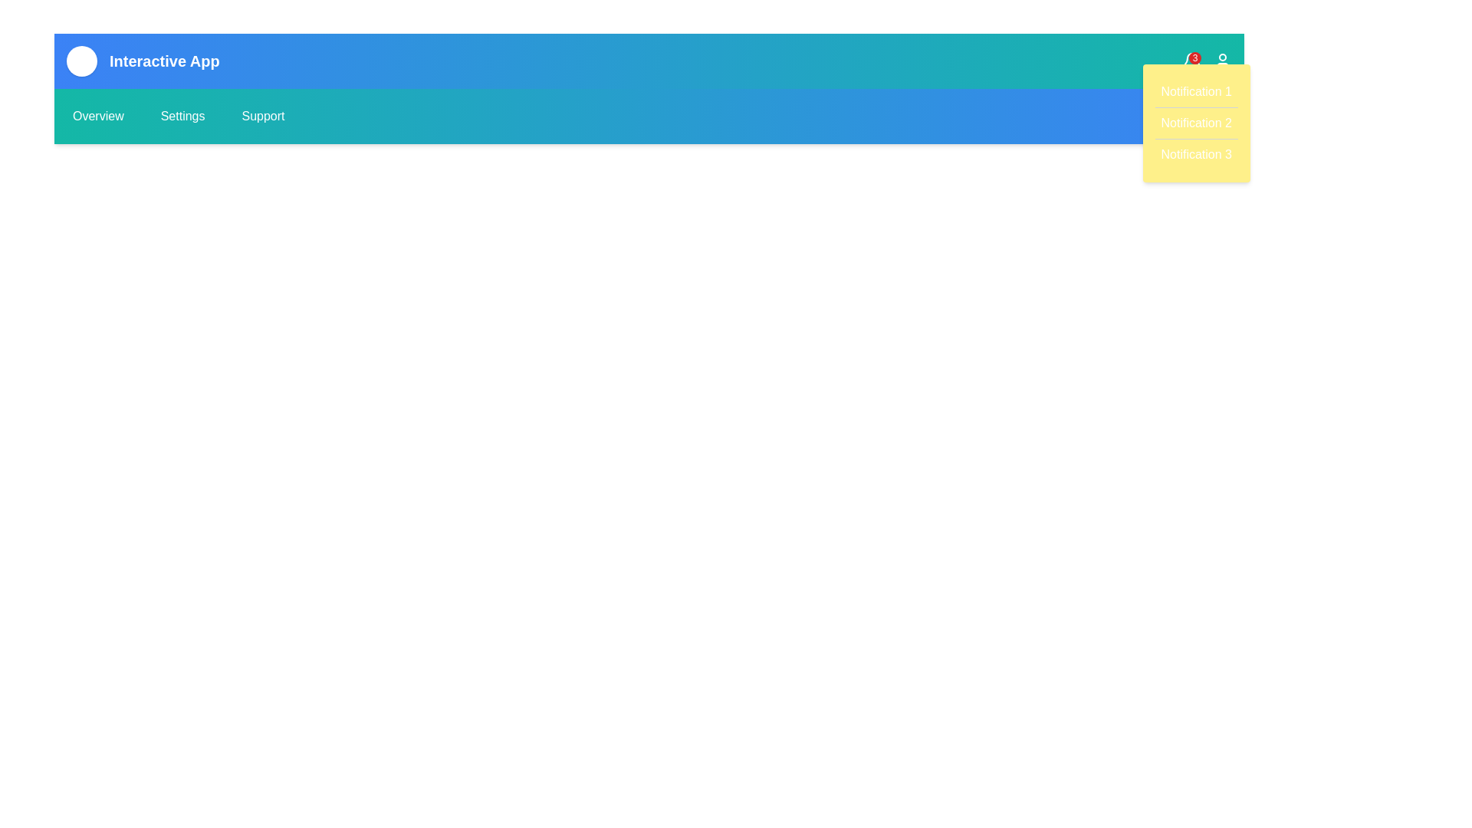  Describe the element at coordinates (182, 115) in the screenshot. I see `the menu item Settings from the options Overview, Settings, or Support` at that location.